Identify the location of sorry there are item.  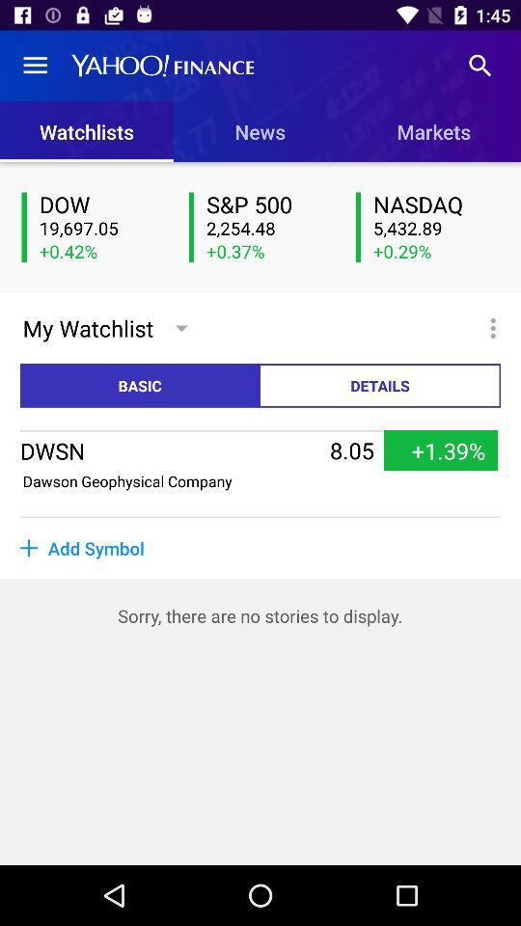
(260, 614).